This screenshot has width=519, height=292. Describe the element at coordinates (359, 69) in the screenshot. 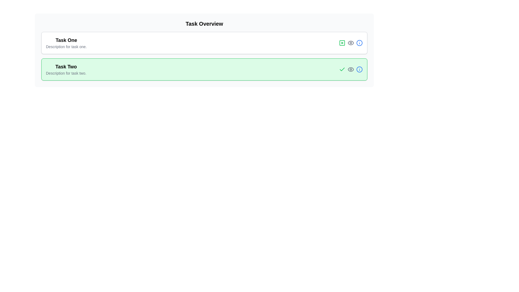

I see `the small blue information icon located on the right side of the green task box labeled 'Task Two'` at that location.